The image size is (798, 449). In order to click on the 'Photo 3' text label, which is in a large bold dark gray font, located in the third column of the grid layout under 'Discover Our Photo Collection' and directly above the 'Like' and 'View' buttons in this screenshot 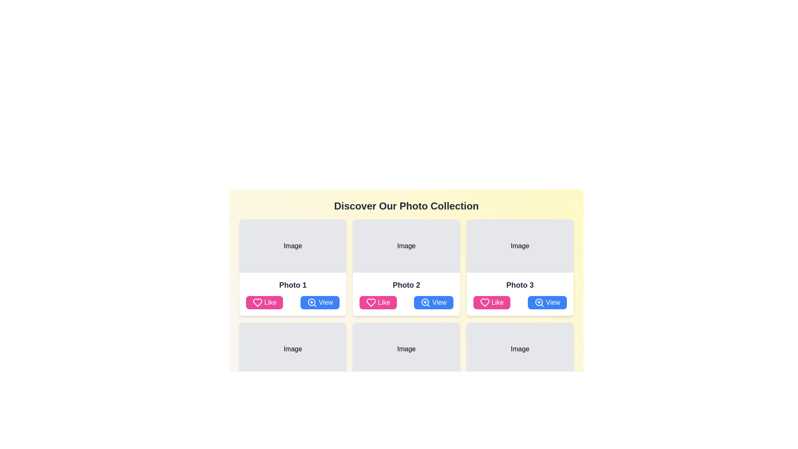, I will do `click(520, 285)`.